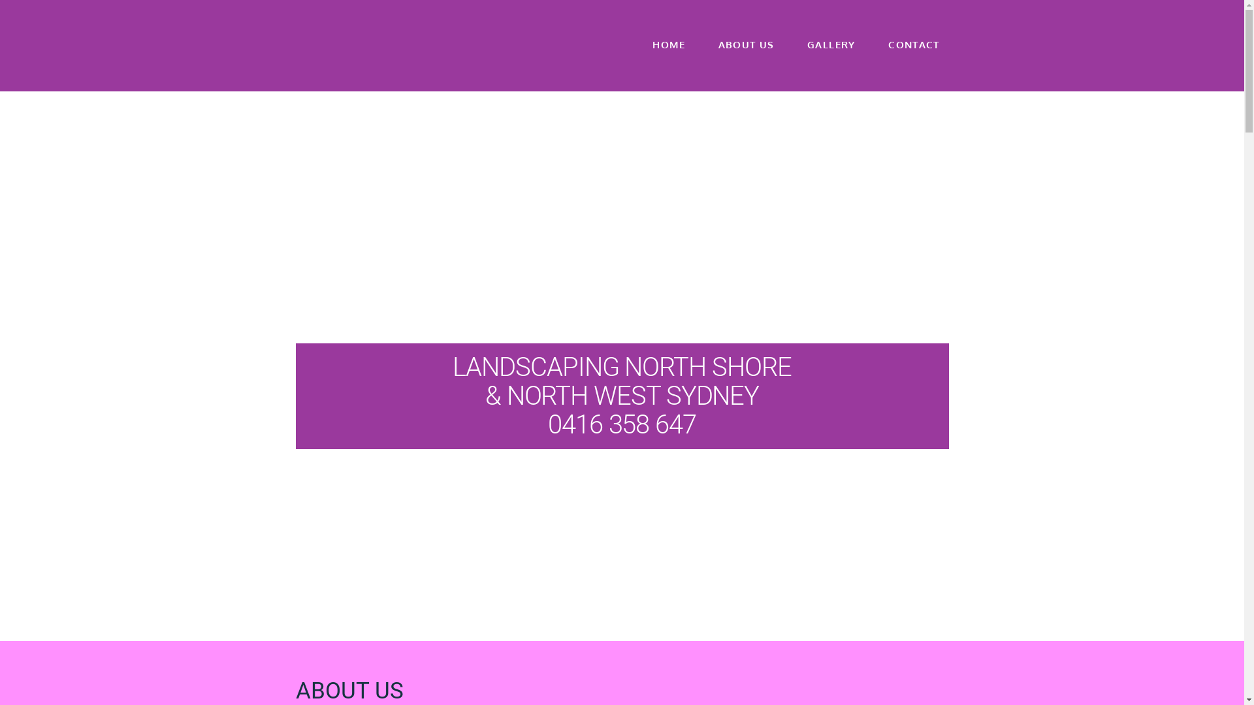 This screenshot has height=705, width=1254. Describe the element at coordinates (746, 54) in the screenshot. I see `'ABOUT US'` at that location.